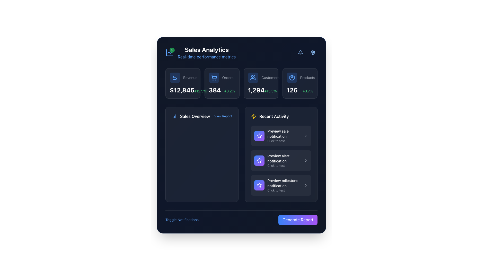  Describe the element at coordinates (259, 185) in the screenshot. I see `the milestone notification icon located in the 'Recent Activity' section, specifically in the third list item labeled 'Preview milestone notification.'` at that location.